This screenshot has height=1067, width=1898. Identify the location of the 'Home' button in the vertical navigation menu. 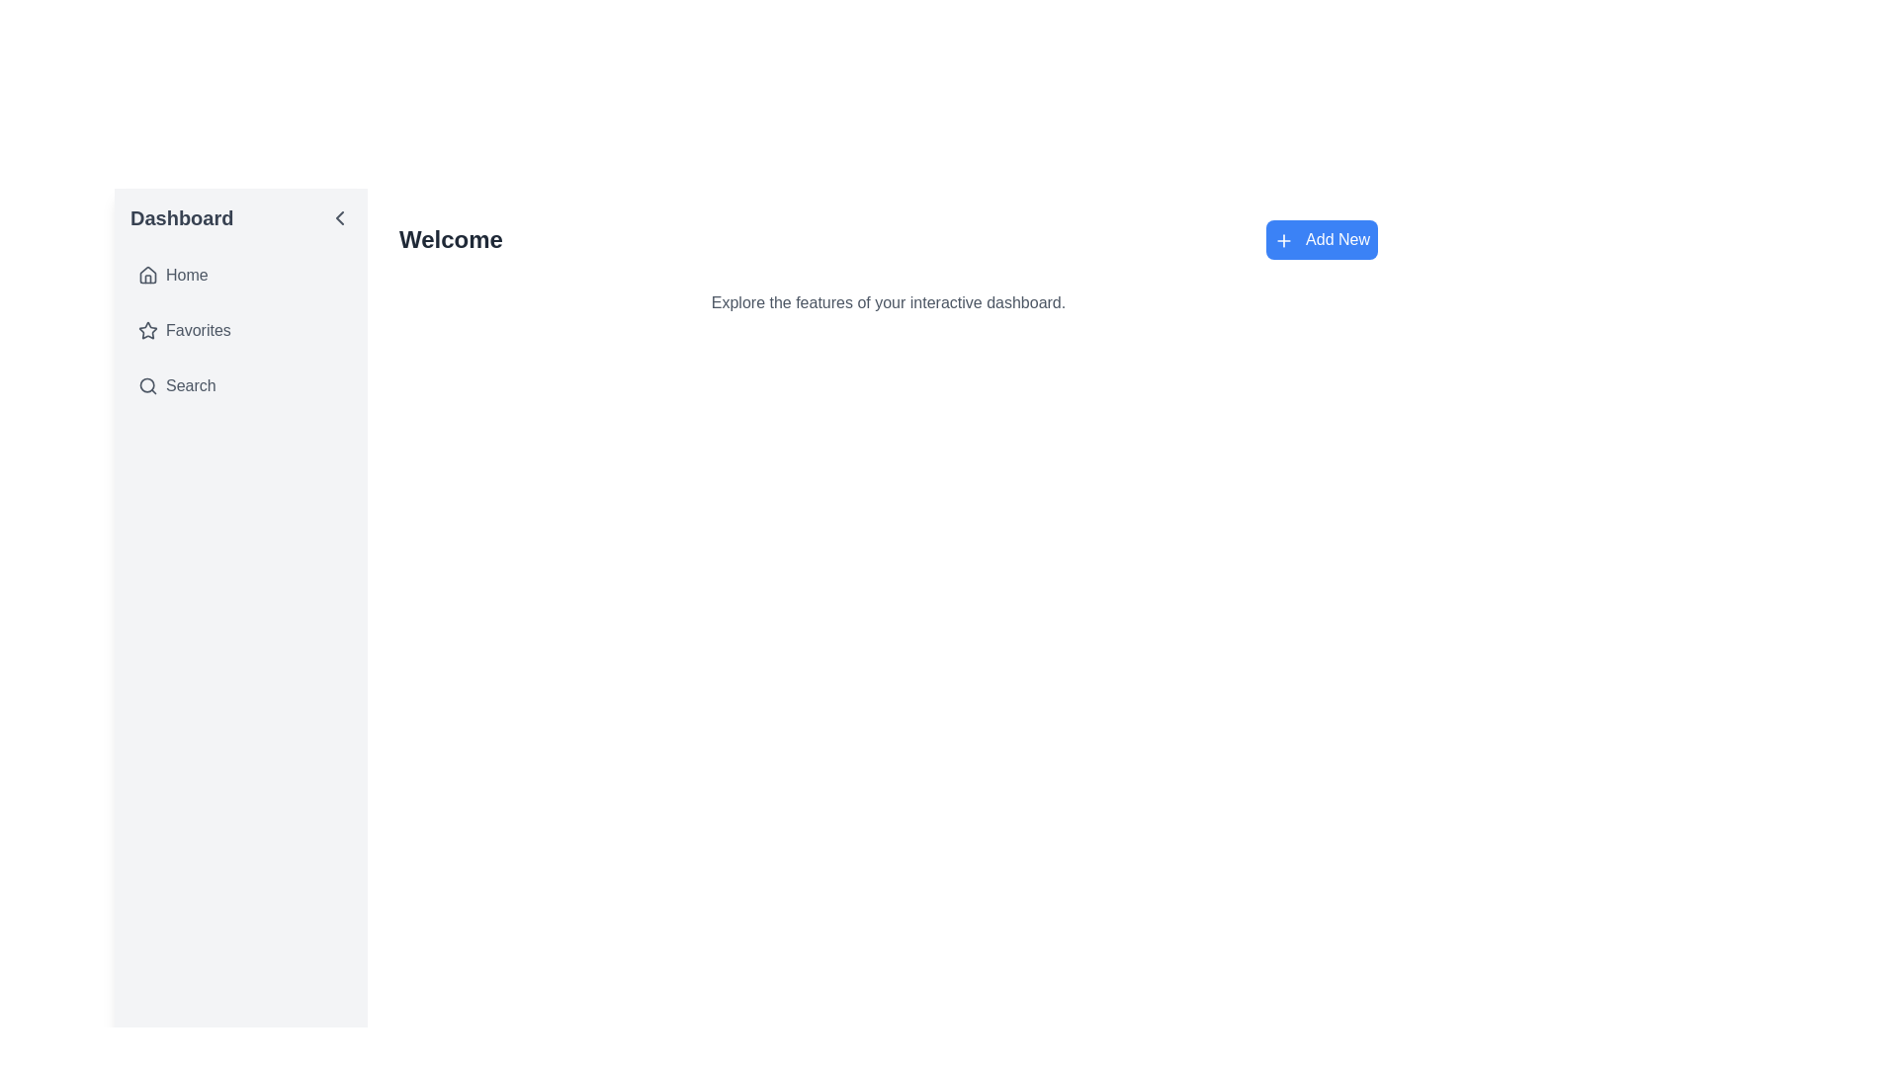
(240, 275).